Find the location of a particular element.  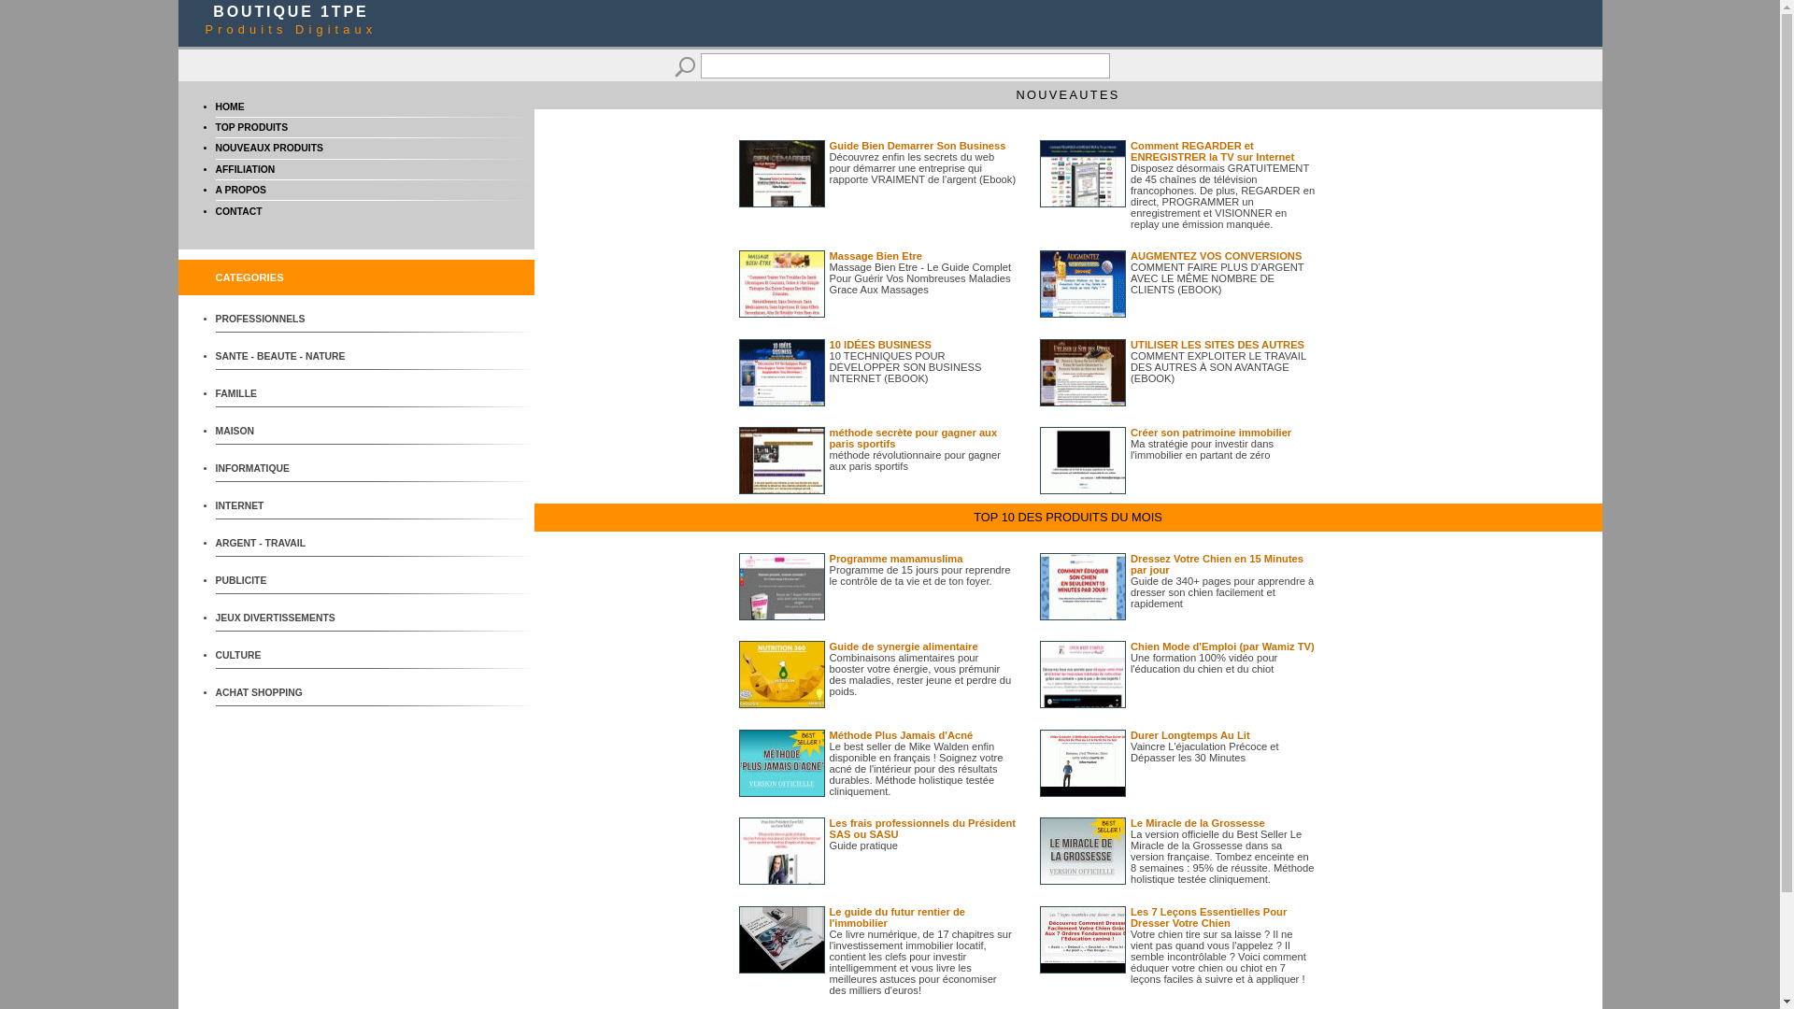

'AFFILIATION' is located at coordinates (244, 169).